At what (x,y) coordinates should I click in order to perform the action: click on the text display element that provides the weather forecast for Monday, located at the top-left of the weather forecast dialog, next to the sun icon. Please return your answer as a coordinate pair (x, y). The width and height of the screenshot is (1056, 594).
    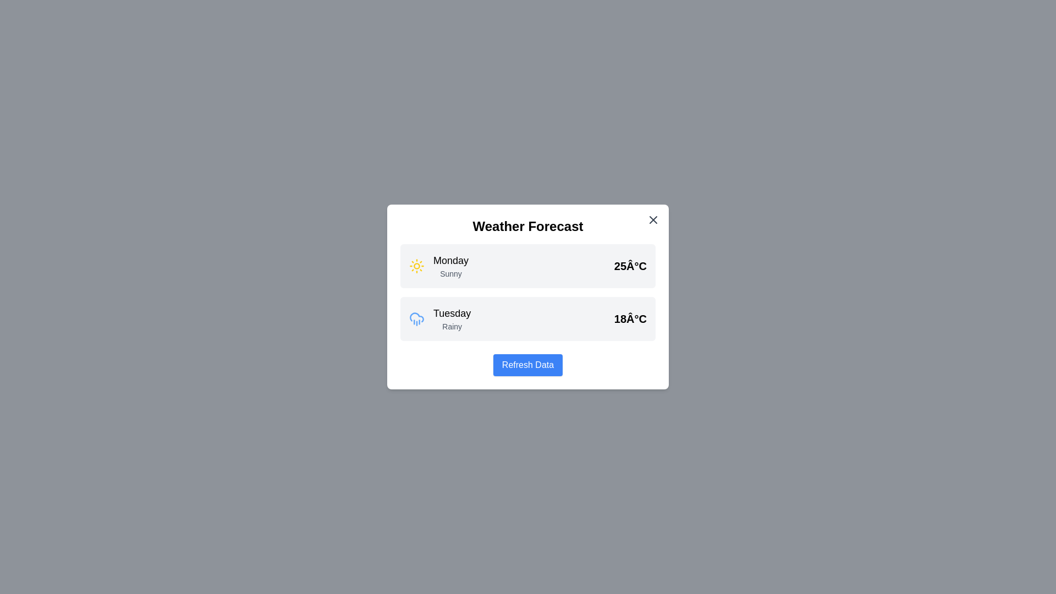
    Looking at the image, I should click on (451, 266).